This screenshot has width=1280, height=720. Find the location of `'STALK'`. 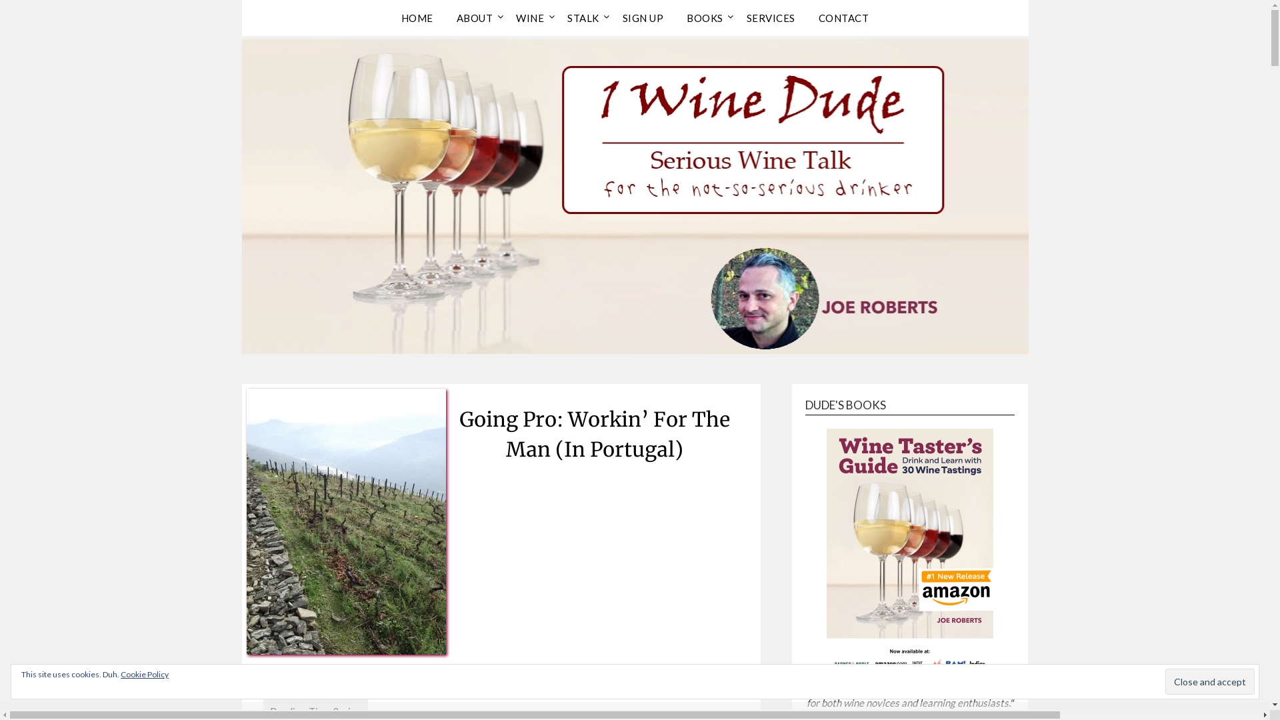

'STALK' is located at coordinates (583, 18).